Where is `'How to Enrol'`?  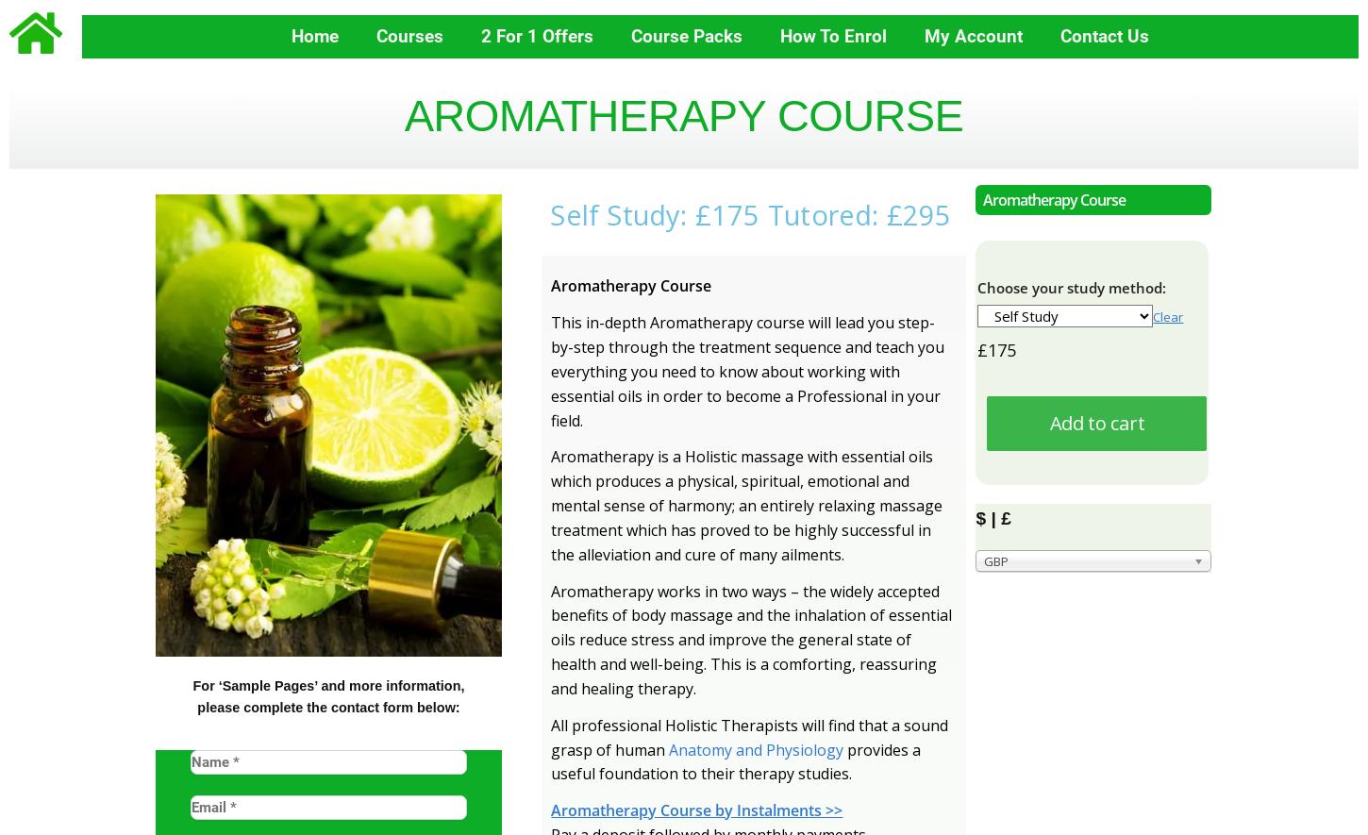 'How to Enrol' is located at coordinates (779, 35).